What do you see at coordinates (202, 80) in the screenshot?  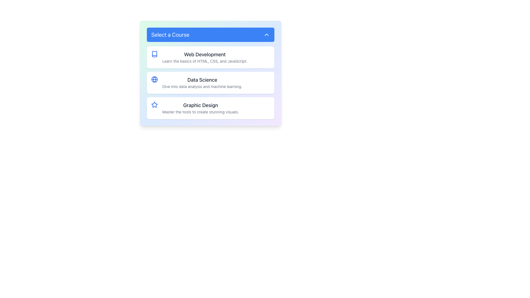 I see `the 'Data Science' text label which is the main title in the second card of the 'Select a Course' section` at bounding box center [202, 80].